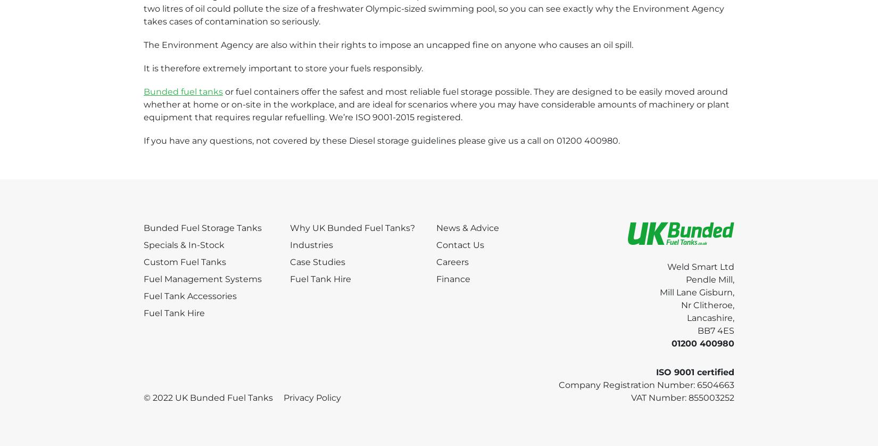 Image resolution: width=878 pixels, height=446 pixels. Describe the element at coordinates (715, 330) in the screenshot. I see `'BB7 4ES'` at that location.